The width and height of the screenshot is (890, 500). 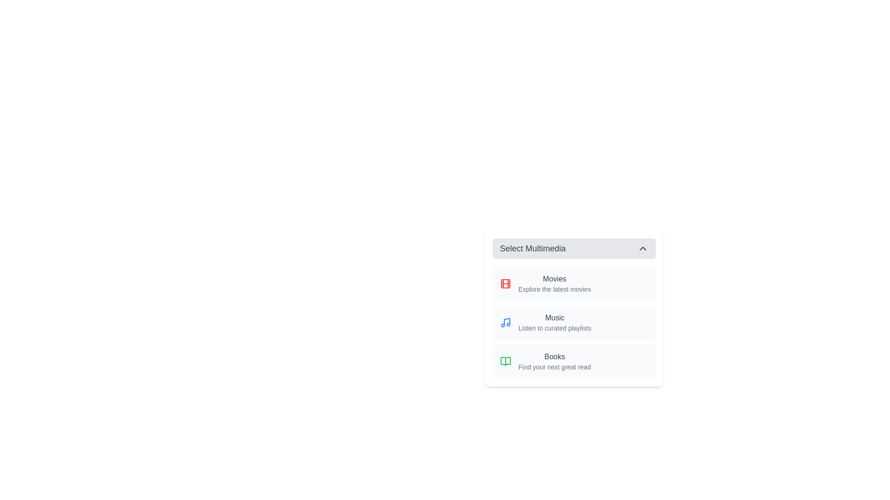 I want to click on text label displaying 'Books' and 'Find your next great read', located below the book icon in the Books section of the interface, so click(x=554, y=361).